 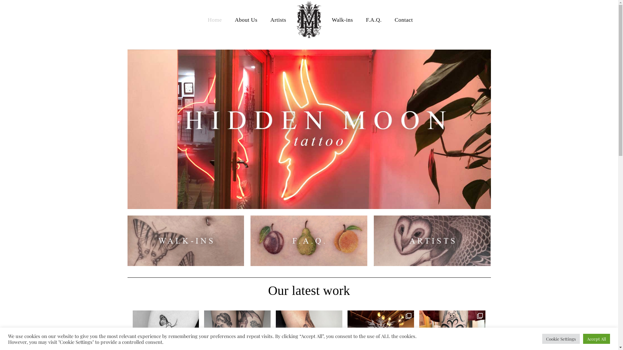 I want to click on 'Home', so click(x=215, y=19).